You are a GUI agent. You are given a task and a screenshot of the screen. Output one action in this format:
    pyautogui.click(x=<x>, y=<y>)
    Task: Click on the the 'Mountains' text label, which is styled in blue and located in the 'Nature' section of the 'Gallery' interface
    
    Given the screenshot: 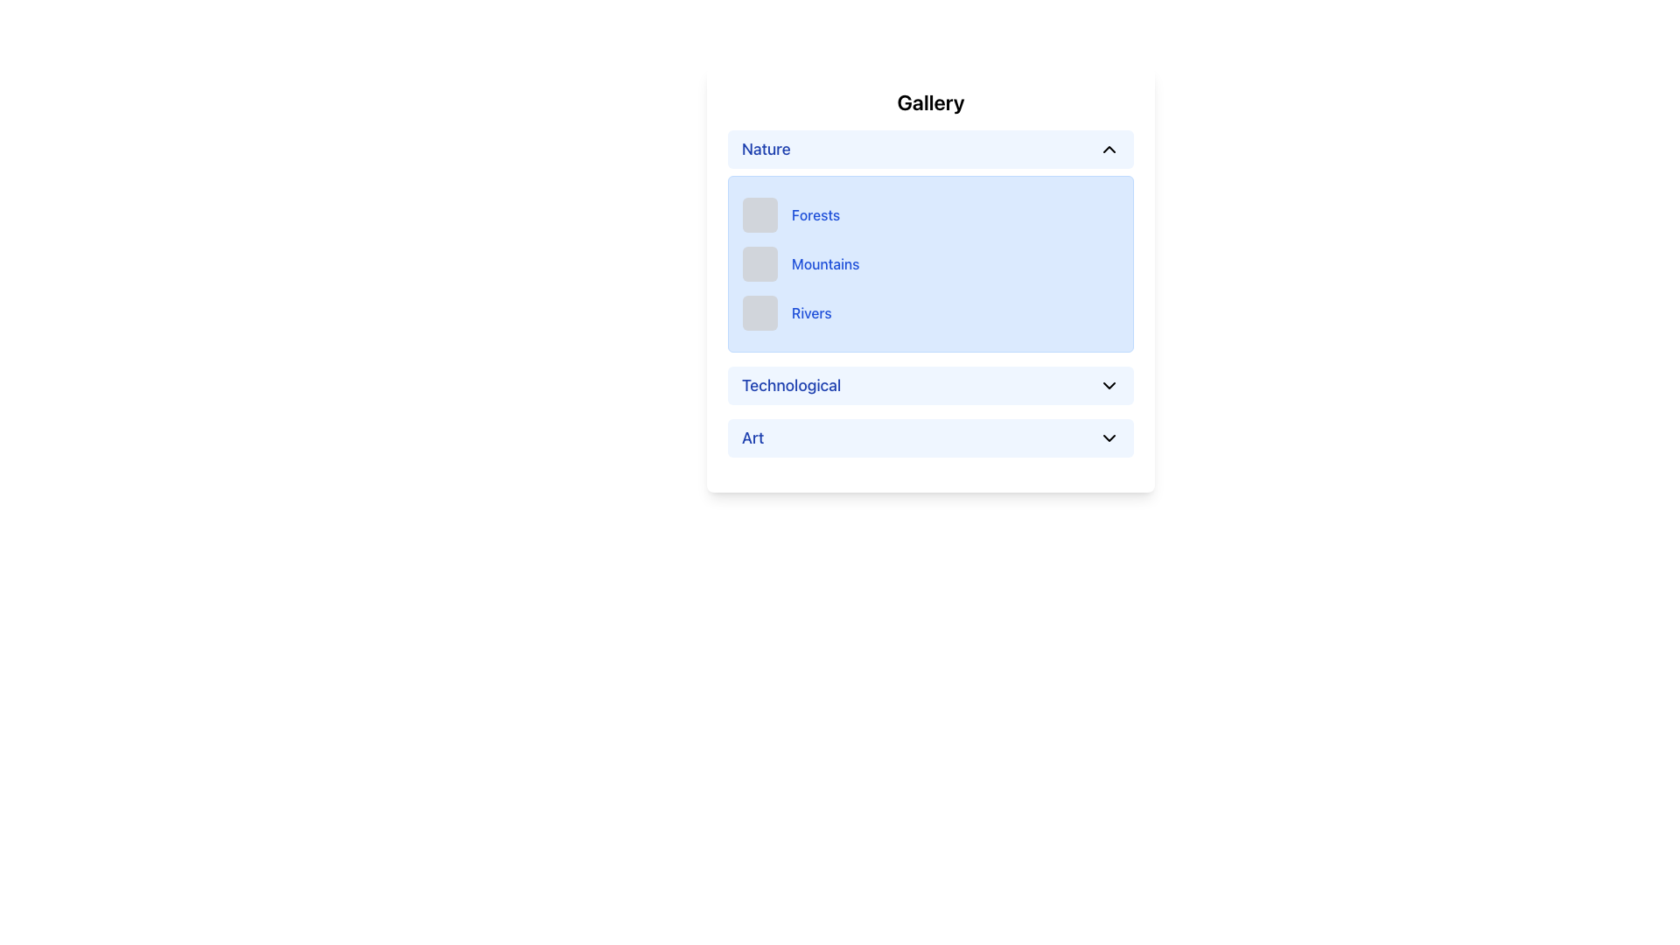 What is the action you would take?
    pyautogui.click(x=824, y=263)
    